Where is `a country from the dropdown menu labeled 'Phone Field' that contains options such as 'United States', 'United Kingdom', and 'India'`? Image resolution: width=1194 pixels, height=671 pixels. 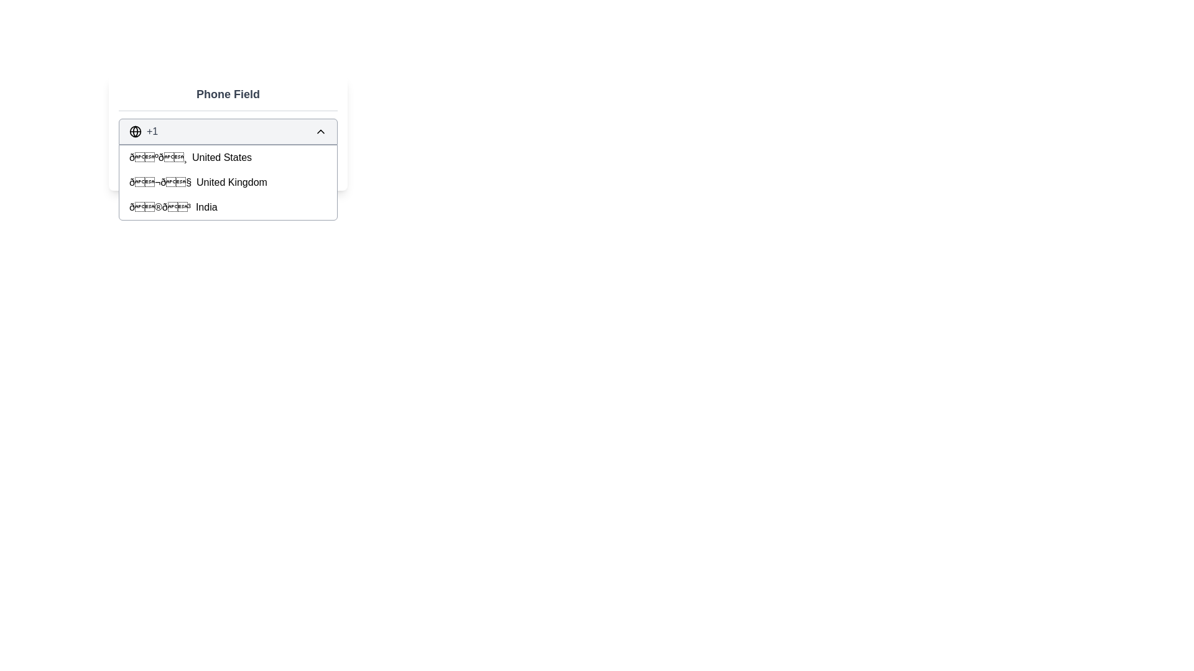
a country from the dropdown menu labeled 'Phone Field' that contains options such as 'United States', 'United Kingdom', and 'India' is located at coordinates (228, 132).